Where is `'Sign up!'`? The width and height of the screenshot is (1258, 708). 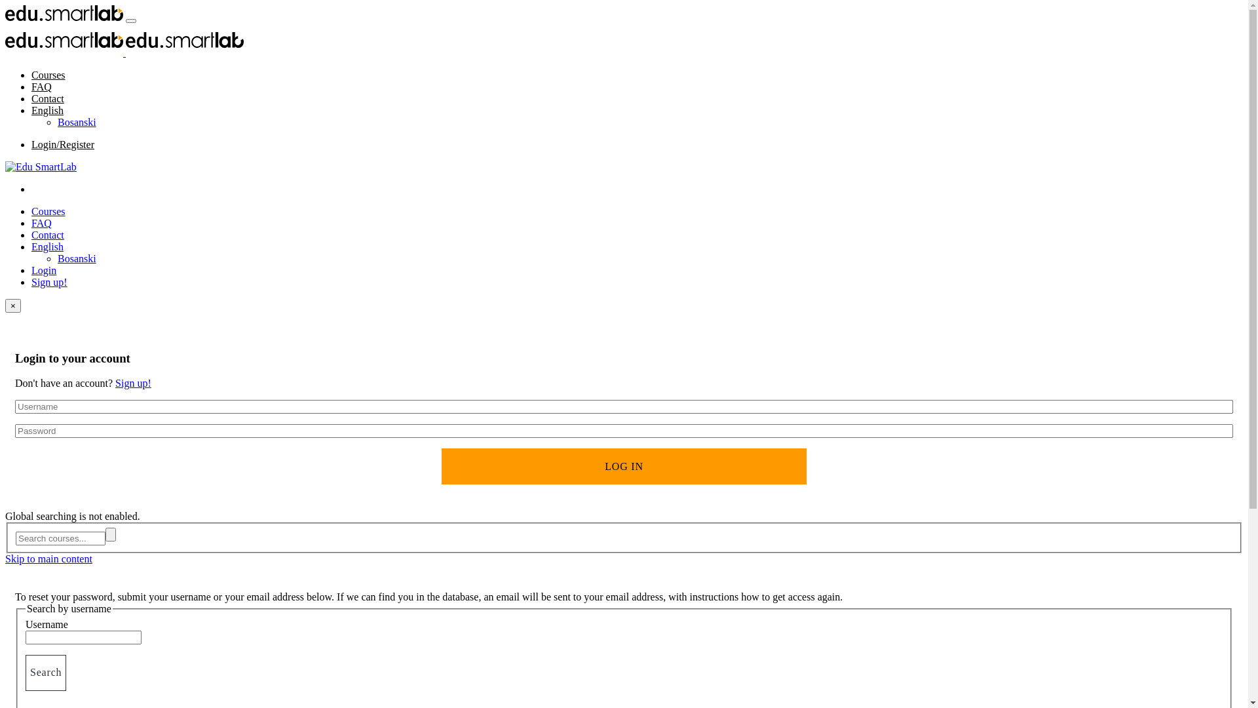
'Sign up!' is located at coordinates (49, 281).